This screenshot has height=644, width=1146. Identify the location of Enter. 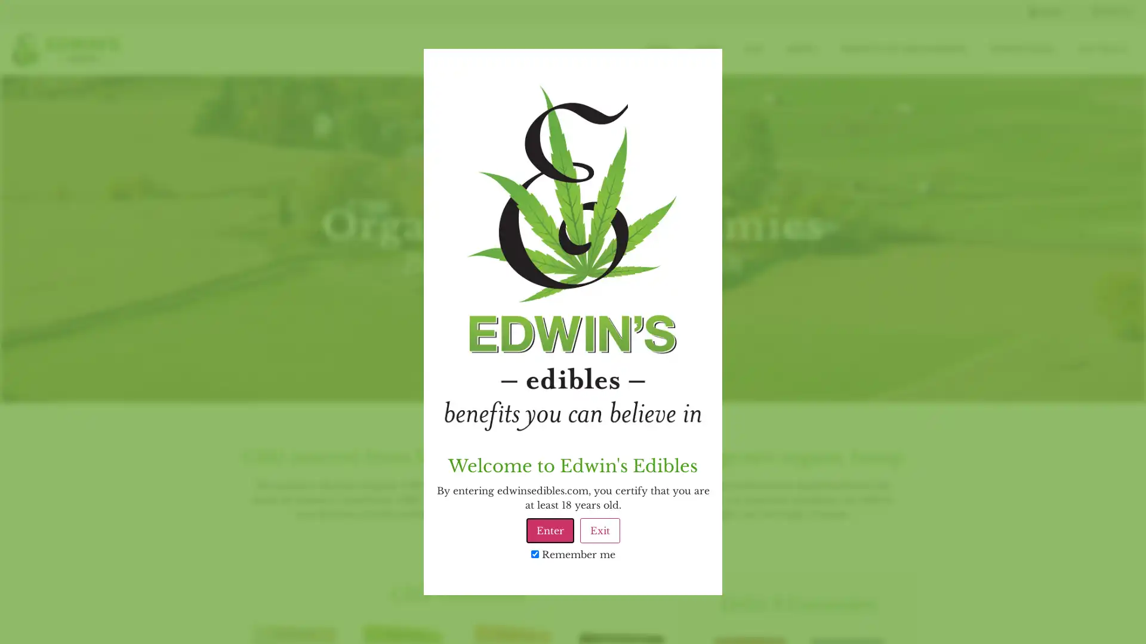
(549, 530).